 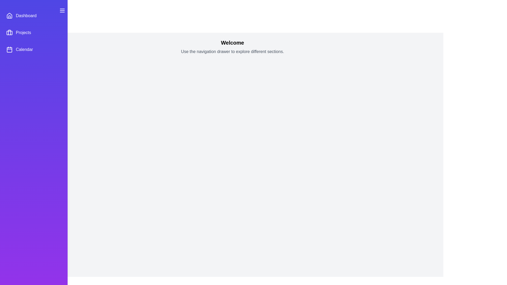 What do you see at coordinates (62, 10) in the screenshot?
I see `the toggle button to open or close the drawer` at bounding box center [62, 10].